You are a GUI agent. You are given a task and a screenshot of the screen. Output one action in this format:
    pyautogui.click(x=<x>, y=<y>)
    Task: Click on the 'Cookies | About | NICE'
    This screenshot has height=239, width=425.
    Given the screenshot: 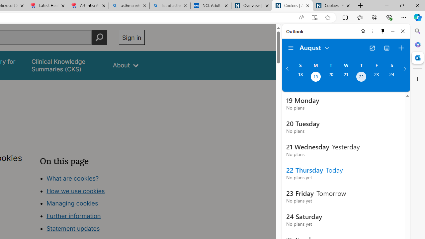 What is the action you would take?
    pyautogui.click(x=333, y=6)
    